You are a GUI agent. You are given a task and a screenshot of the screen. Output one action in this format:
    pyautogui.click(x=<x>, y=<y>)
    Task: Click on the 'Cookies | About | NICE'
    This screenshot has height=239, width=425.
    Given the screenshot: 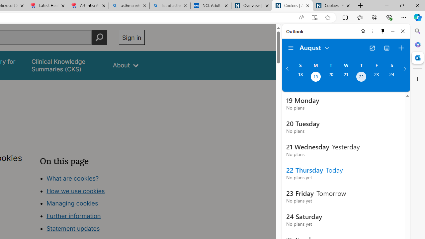 What is the action you would take?
    pyautogui.click(x=333, y=6)
    